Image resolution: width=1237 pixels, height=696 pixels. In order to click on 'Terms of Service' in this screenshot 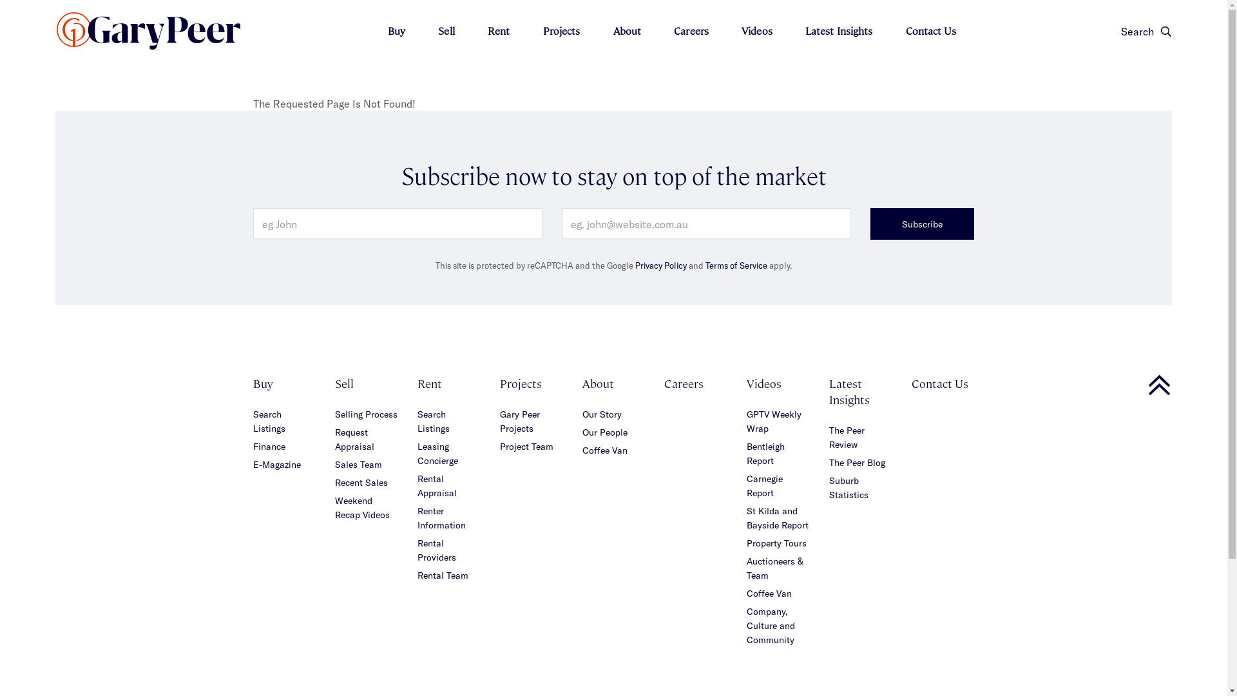, I will do `click(736, 265)`.